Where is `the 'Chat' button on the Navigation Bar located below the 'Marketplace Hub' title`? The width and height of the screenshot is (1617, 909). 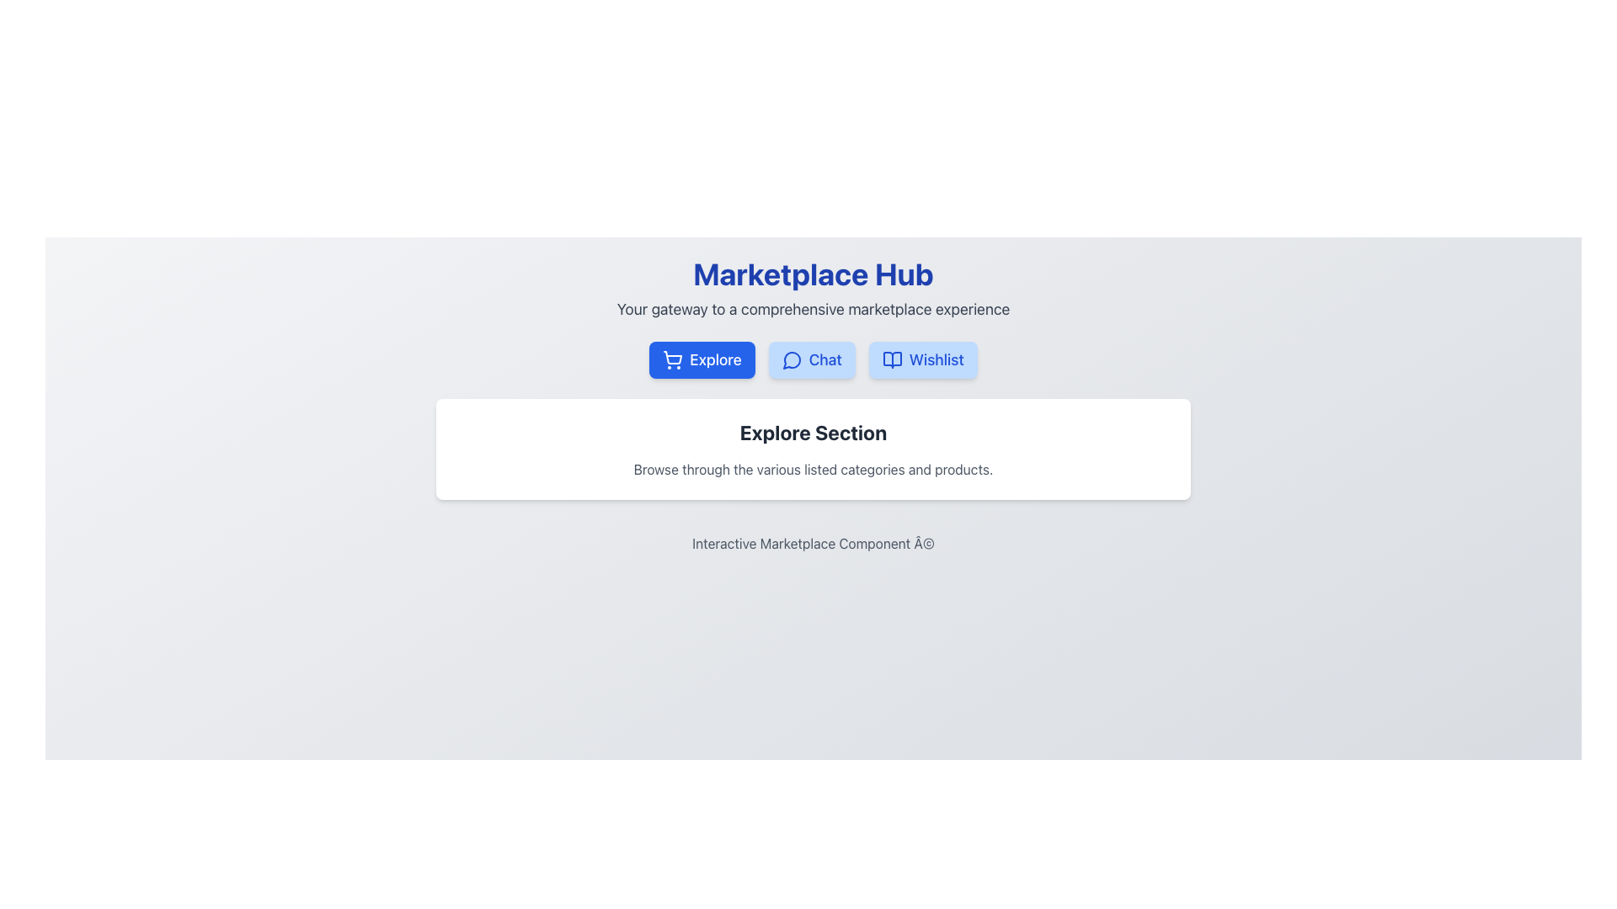 the 'Chat' button on the Navigation Bar located below the 'Marketplace Hub' title is located at coordinates (813, 359).